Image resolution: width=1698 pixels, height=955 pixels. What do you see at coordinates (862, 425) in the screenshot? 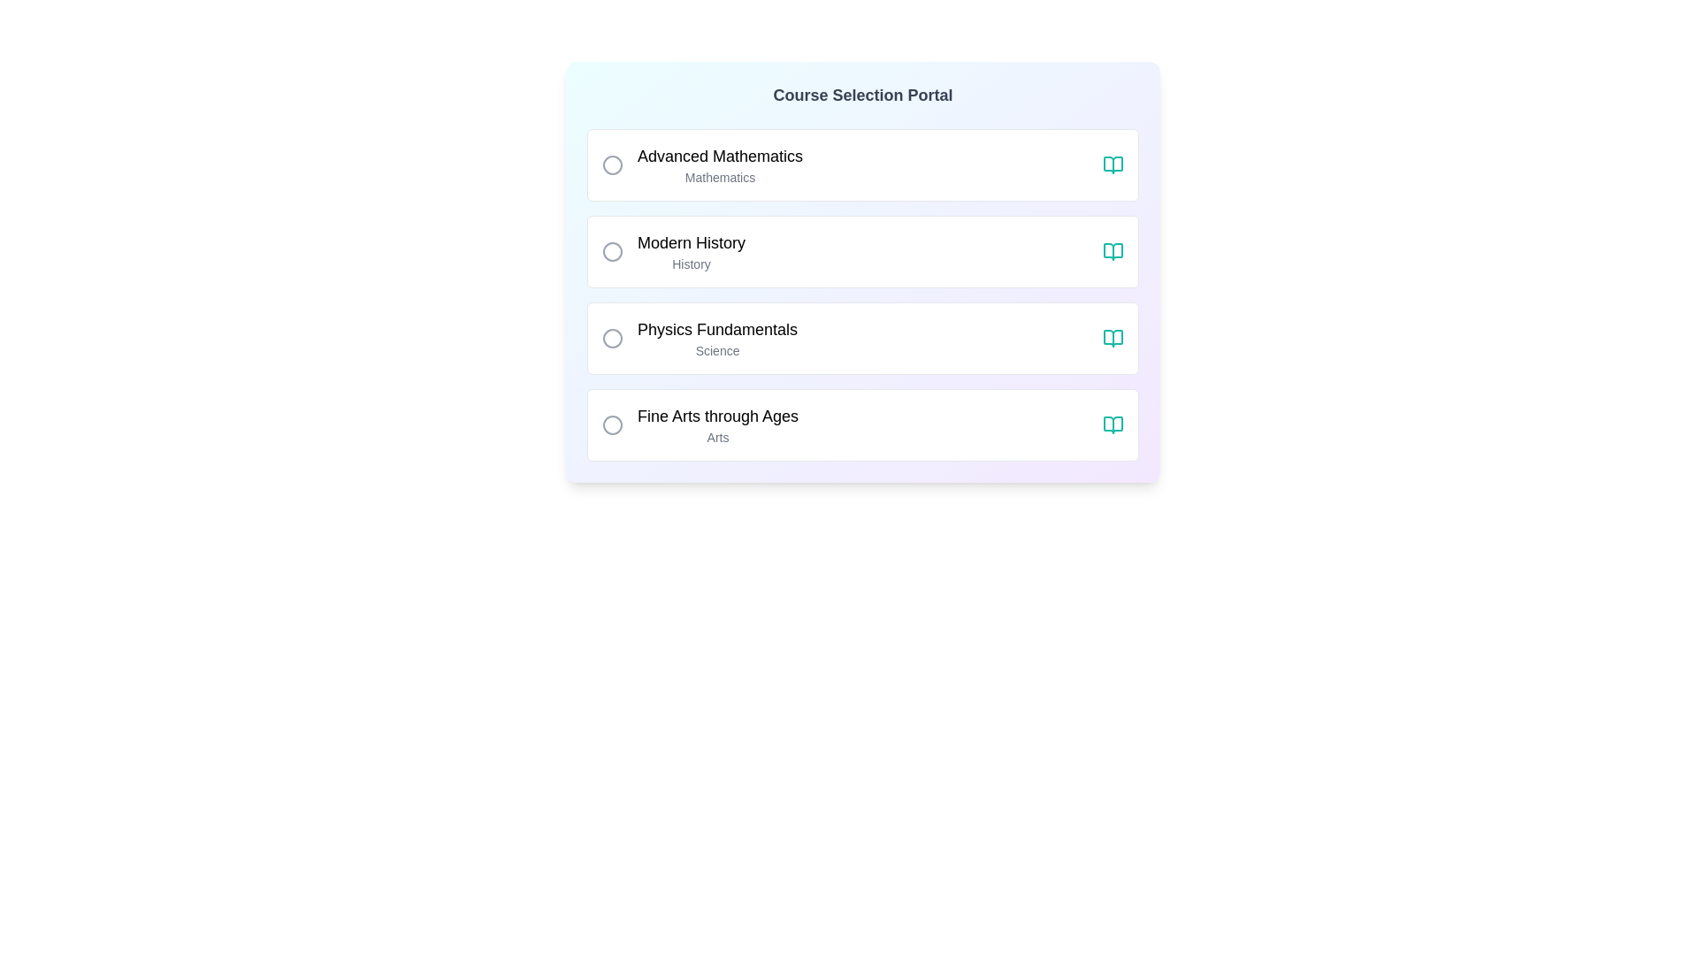
I see `the selectable option for the 'Fine Arts through Ages' course in the course selection portal` at bounding box center [862, 425].